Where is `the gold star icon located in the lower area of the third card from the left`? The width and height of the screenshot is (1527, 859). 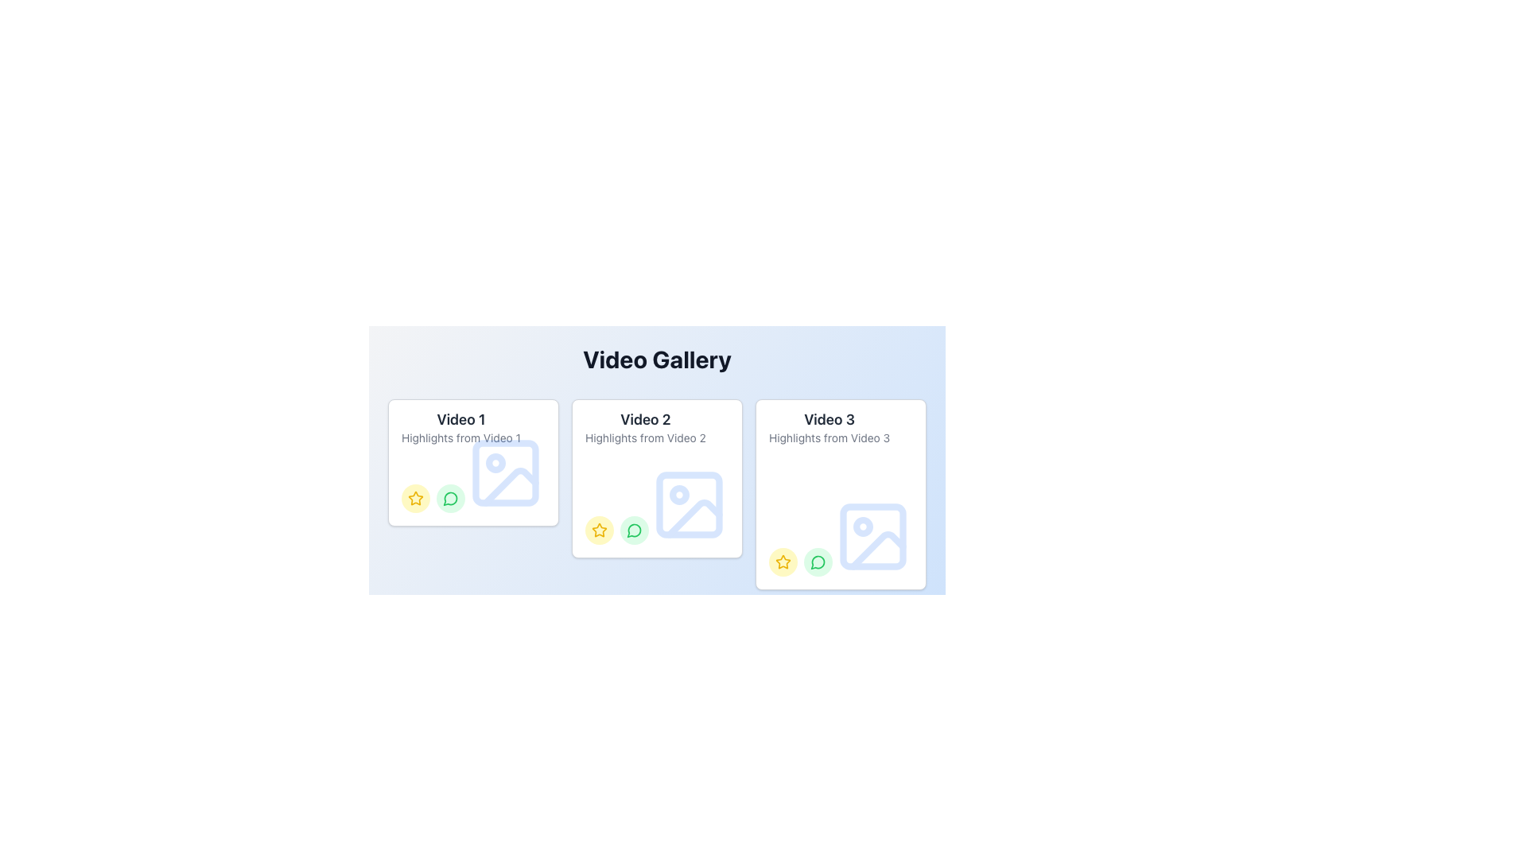
the gold star icon located in the lower area of the third card from the left is located at coordinates (783, 561).